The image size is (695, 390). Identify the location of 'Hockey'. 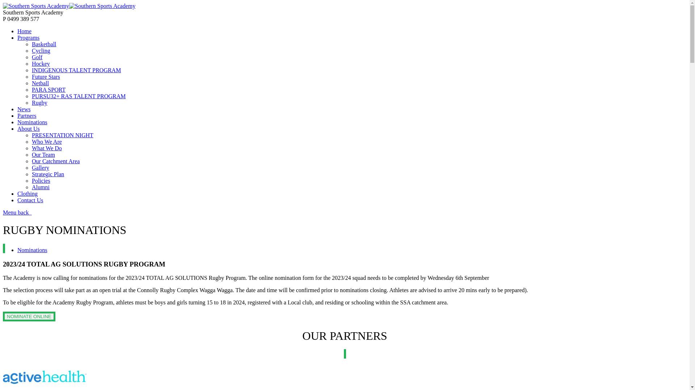
(41, 63).